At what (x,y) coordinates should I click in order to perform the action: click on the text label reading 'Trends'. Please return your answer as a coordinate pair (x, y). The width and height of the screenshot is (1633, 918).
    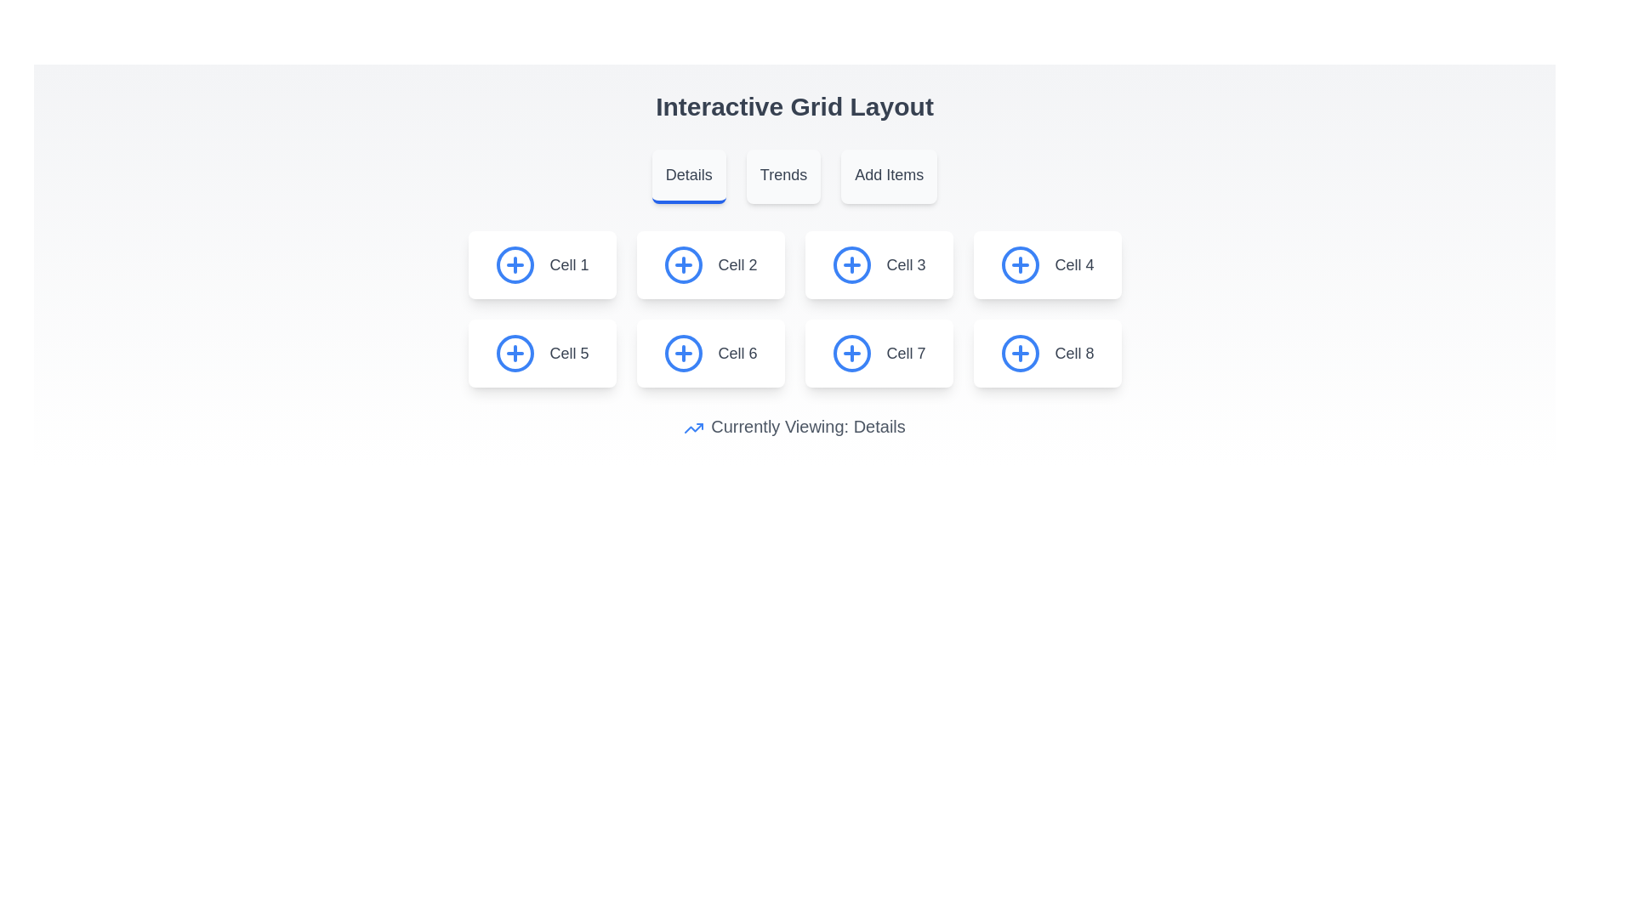
    Looking at the image, I should click on (782, 174).